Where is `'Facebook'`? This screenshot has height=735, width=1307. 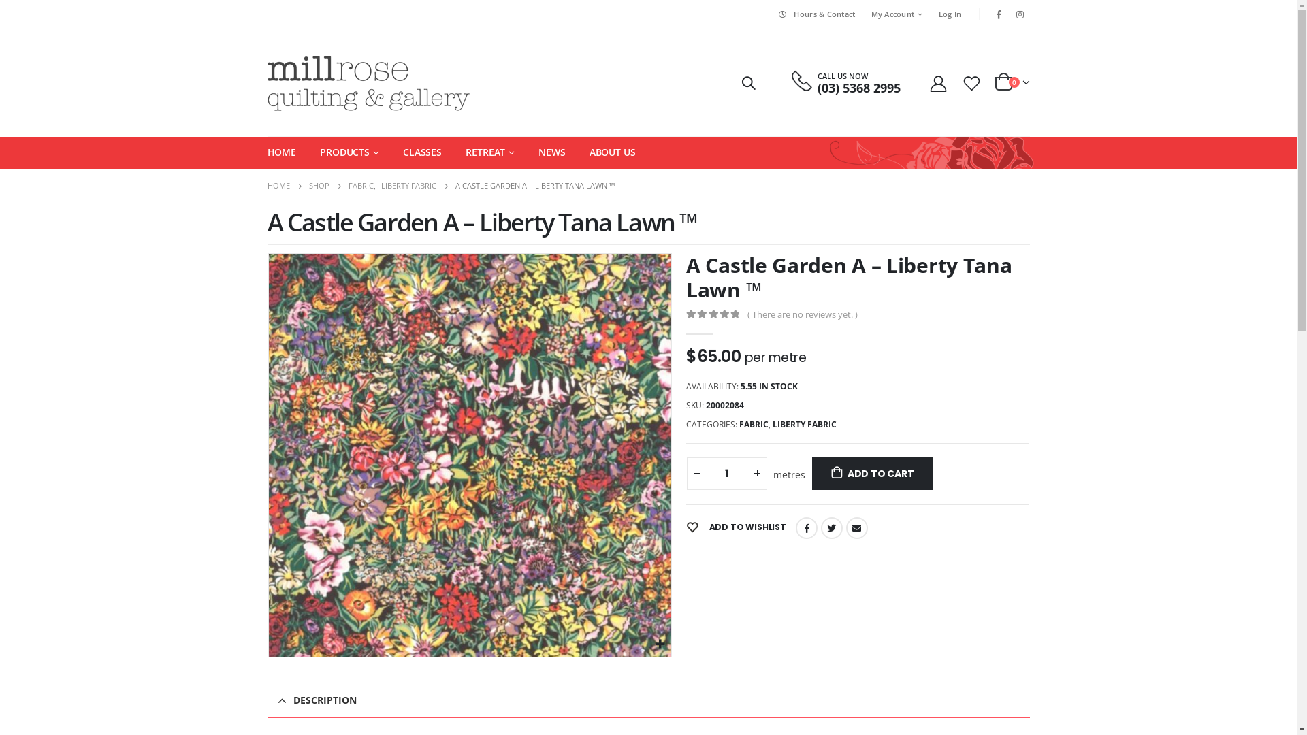
'Facebook' is located at coordinates (999, 14).